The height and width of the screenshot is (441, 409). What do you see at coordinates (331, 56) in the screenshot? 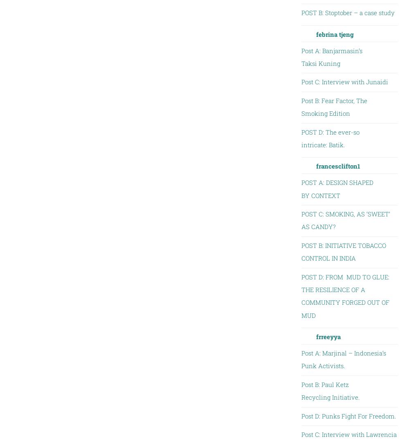
I see `'Post A: Banjarmasin’s Taksi Kuning'` at bounding box center [331, 56].